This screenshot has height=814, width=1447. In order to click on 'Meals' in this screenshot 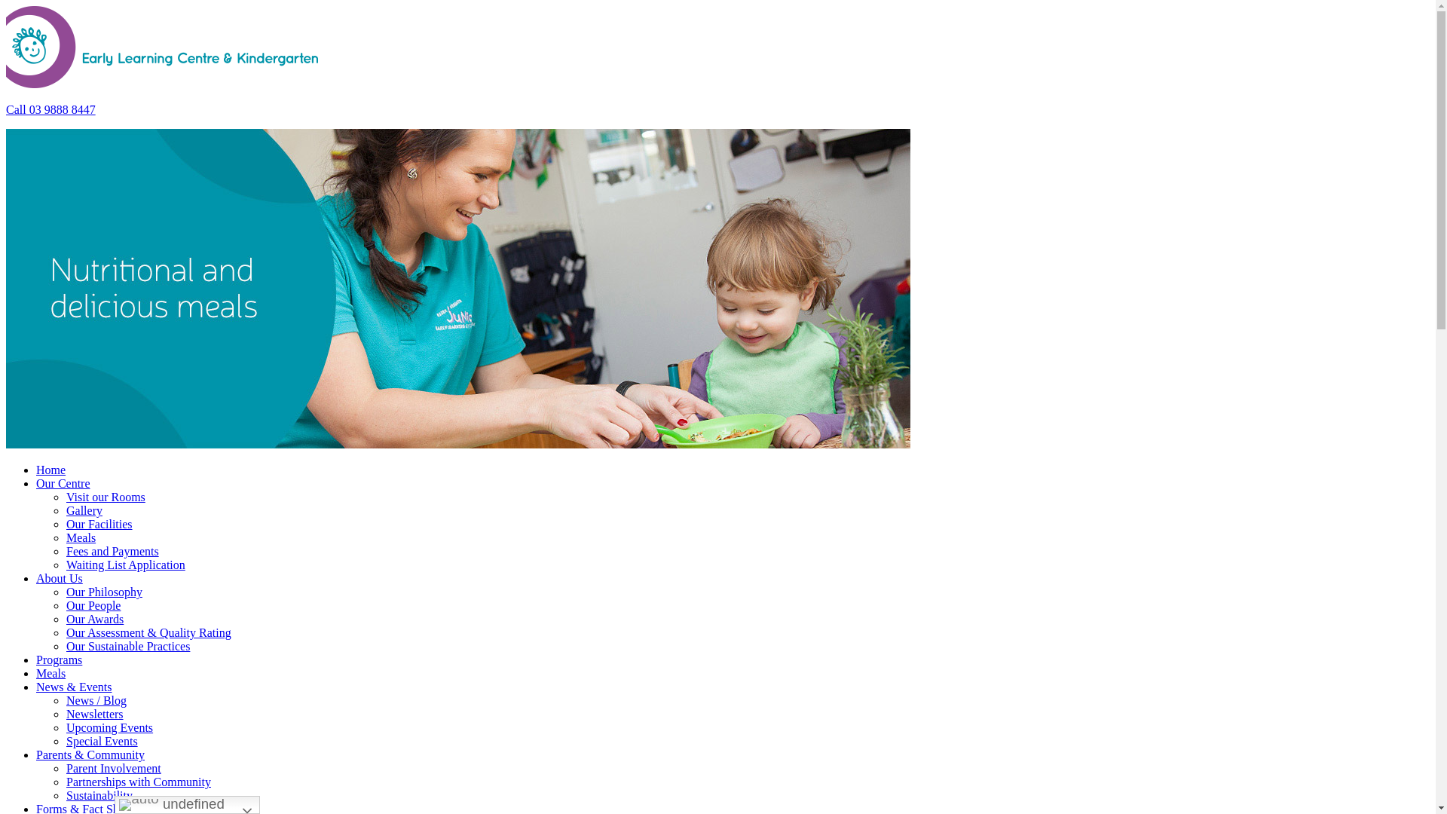, I will do `click(80, 537)`.